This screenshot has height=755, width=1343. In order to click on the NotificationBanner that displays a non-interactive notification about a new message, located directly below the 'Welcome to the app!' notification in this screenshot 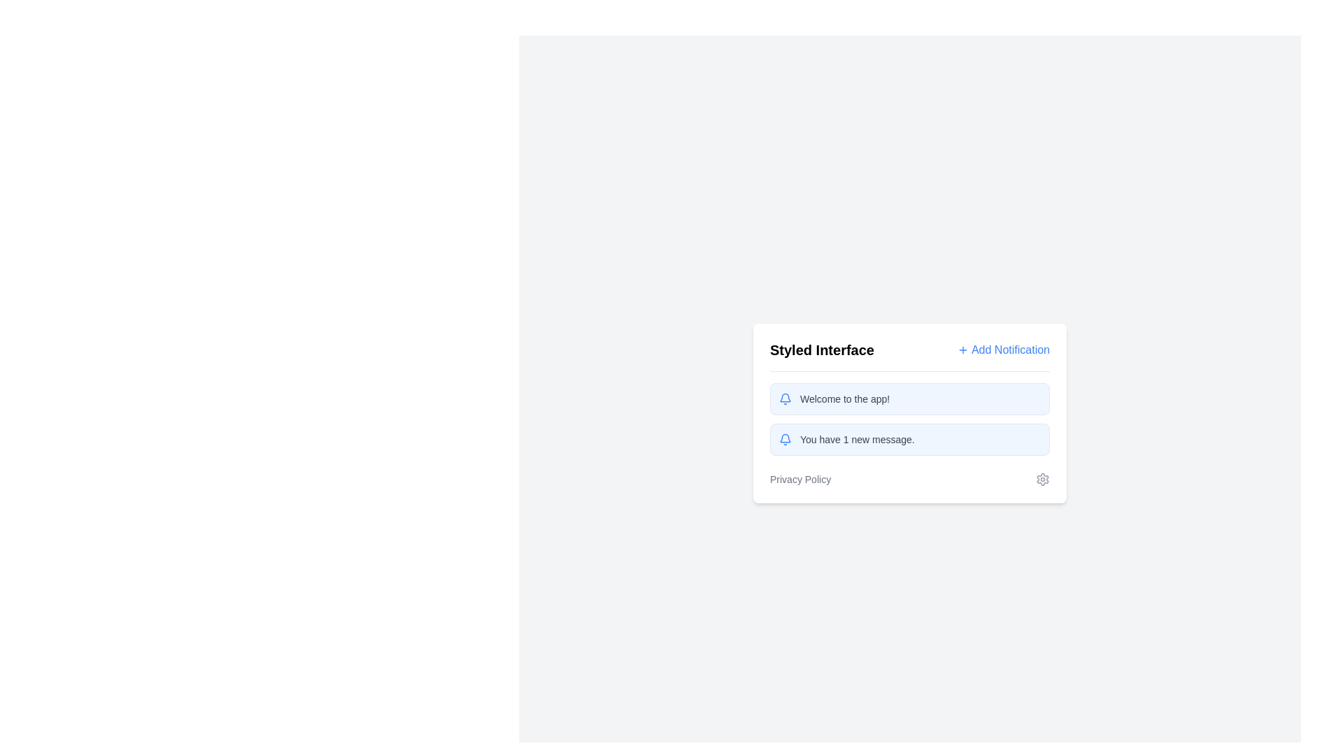, I will do `click(909, 438)`.